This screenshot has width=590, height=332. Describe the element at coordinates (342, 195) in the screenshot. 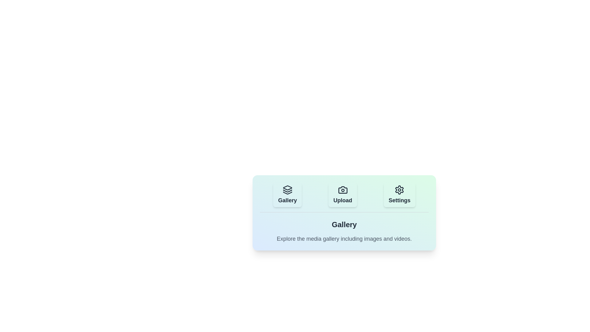

I see `the tab button labeled Upload to observe visual feedback` at that location.